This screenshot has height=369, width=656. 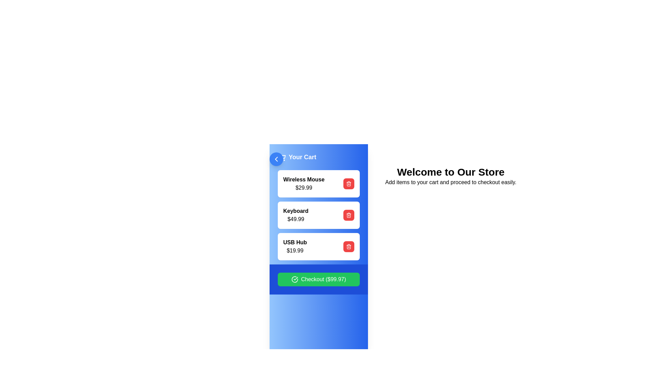 What do you see at coordinates (276, 159) in the screenshot?
I see `the navigation button located at the top-left corner of the cart section` at bounding box center [276, 159].